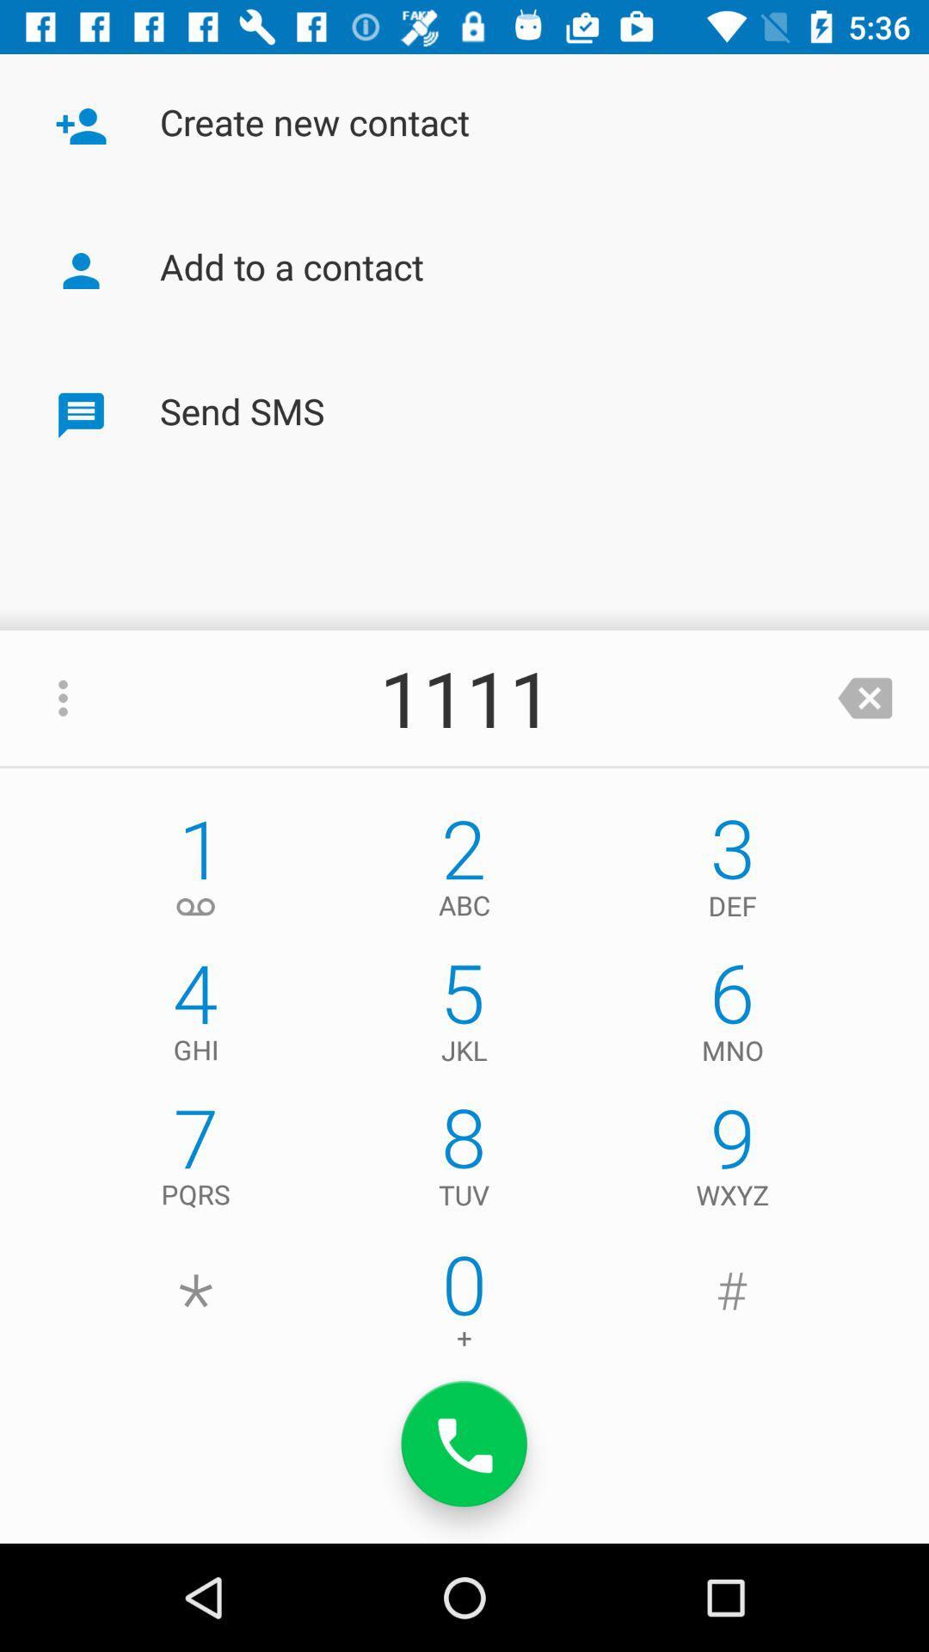  Describe the element at coordinates (464, 1444) in the screenshot. I see `the call icon` at that location.